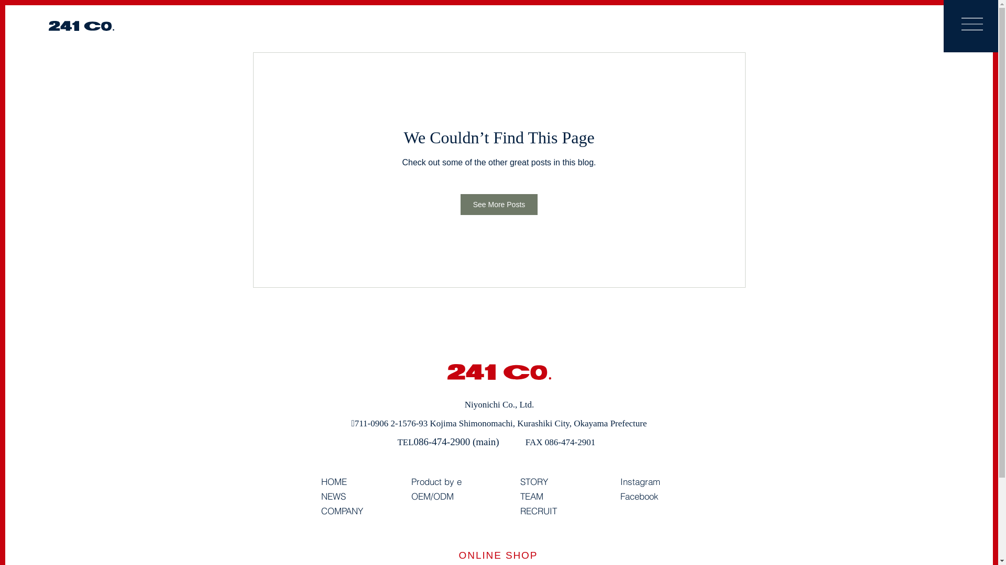 The height and width of the screenshot is (565, 1006). I want to click on '086-474-2900 (main)', so click(456, 442).